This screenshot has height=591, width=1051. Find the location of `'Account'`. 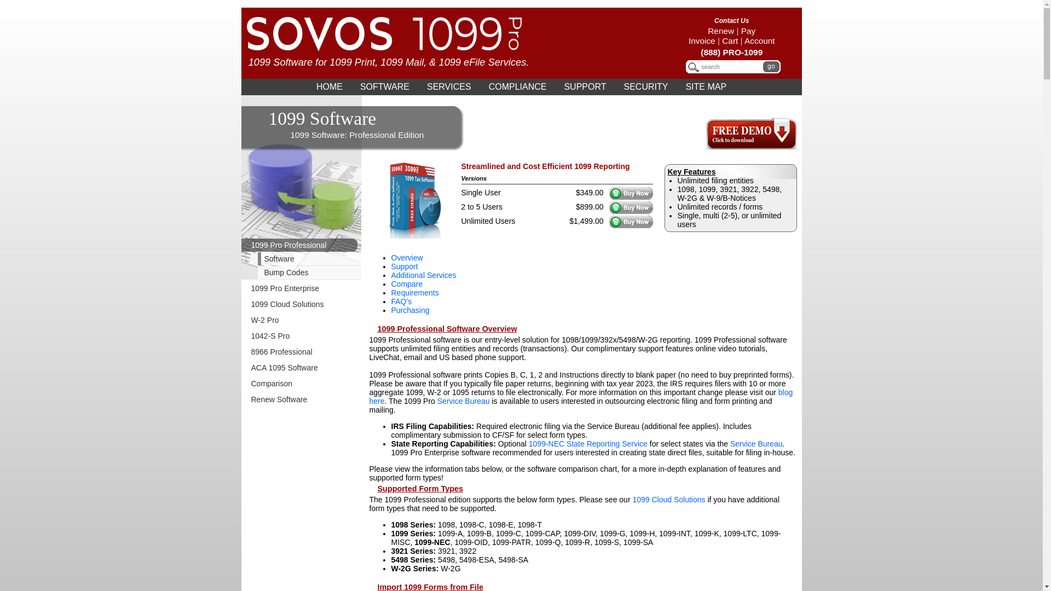

'Account' is located at coordinates (759, 40).